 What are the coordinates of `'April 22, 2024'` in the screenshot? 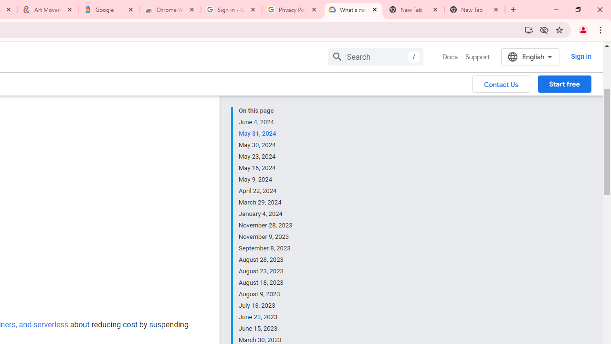 It's located at (266, 191).